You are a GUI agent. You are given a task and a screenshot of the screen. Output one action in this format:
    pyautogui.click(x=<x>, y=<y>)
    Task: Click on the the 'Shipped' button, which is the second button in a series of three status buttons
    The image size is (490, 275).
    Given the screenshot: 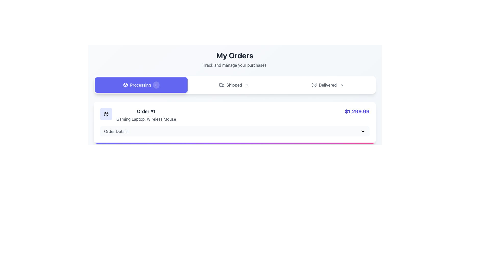 What is the action you would take?
    pyautogui.click(x=235, y=85)
    